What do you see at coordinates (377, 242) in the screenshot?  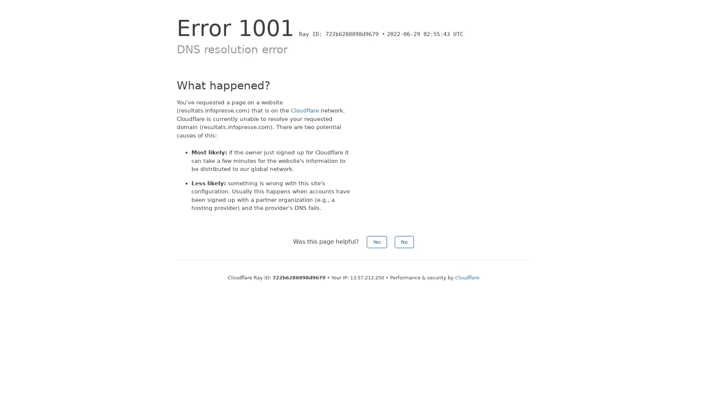 I see `Yes` at bounding box center [377, 242].